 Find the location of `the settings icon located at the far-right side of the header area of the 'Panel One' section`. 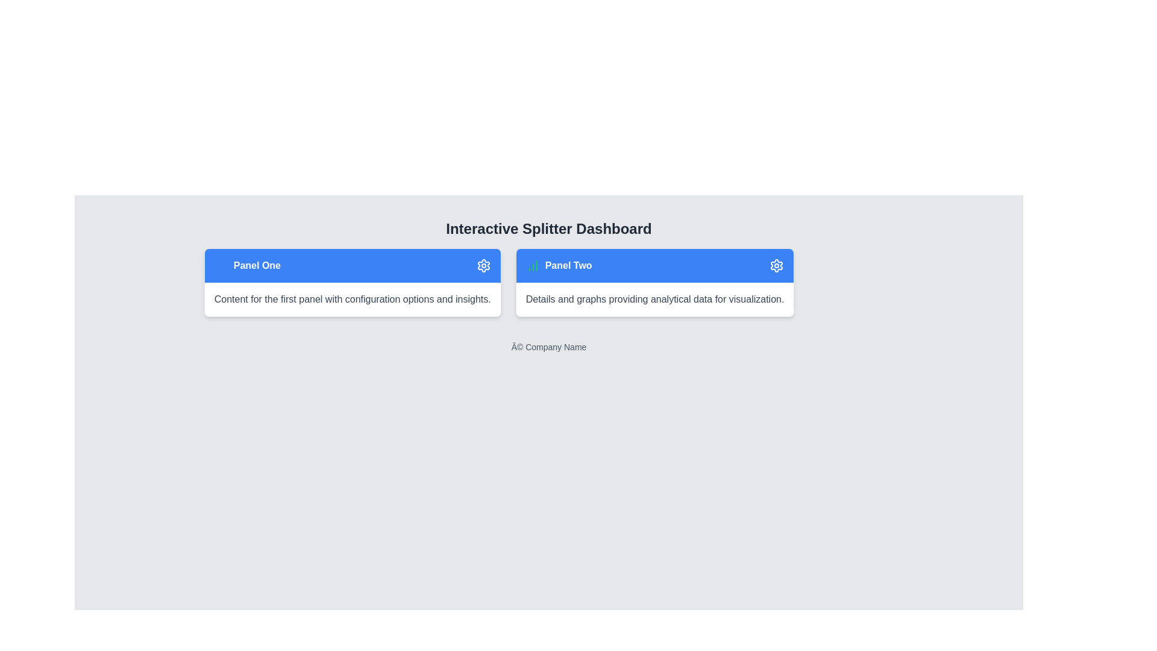

the settings icon located at the far-right side of the header area of the 'Panel One' section is located at coordinates (483, 265).